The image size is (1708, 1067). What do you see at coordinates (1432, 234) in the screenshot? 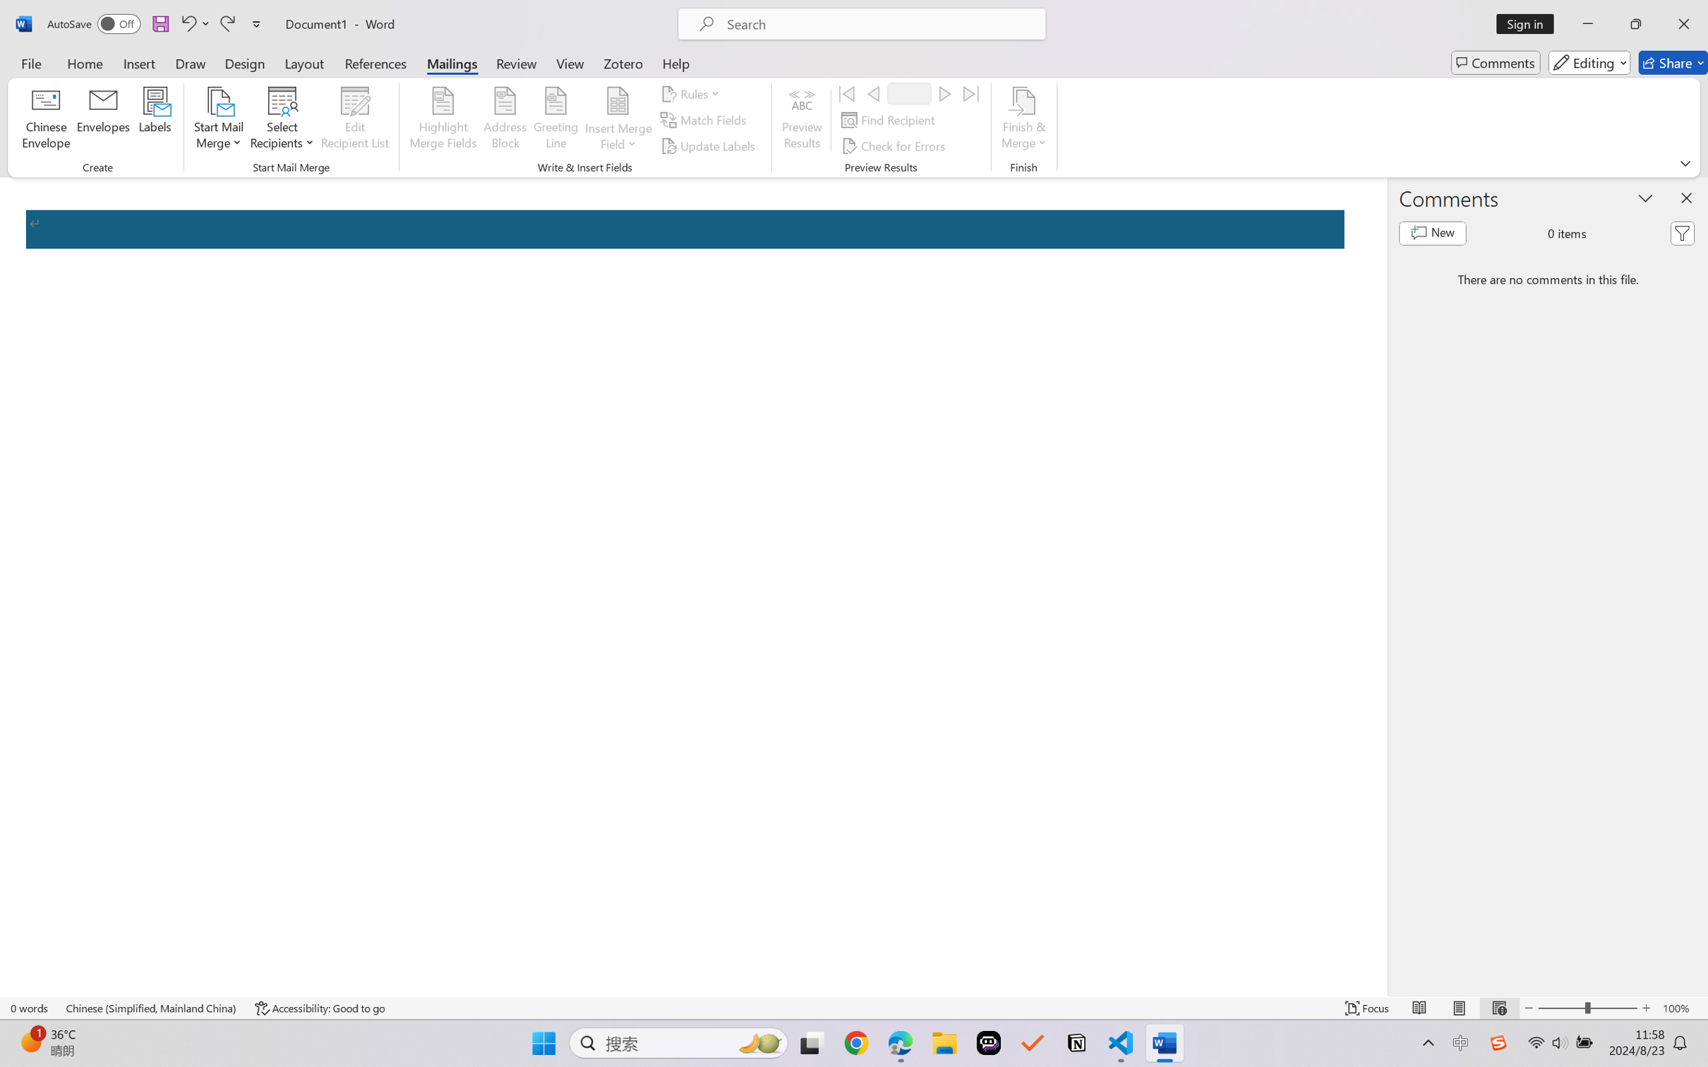
I see `'New comment'` at bounding box center [1432, 234].